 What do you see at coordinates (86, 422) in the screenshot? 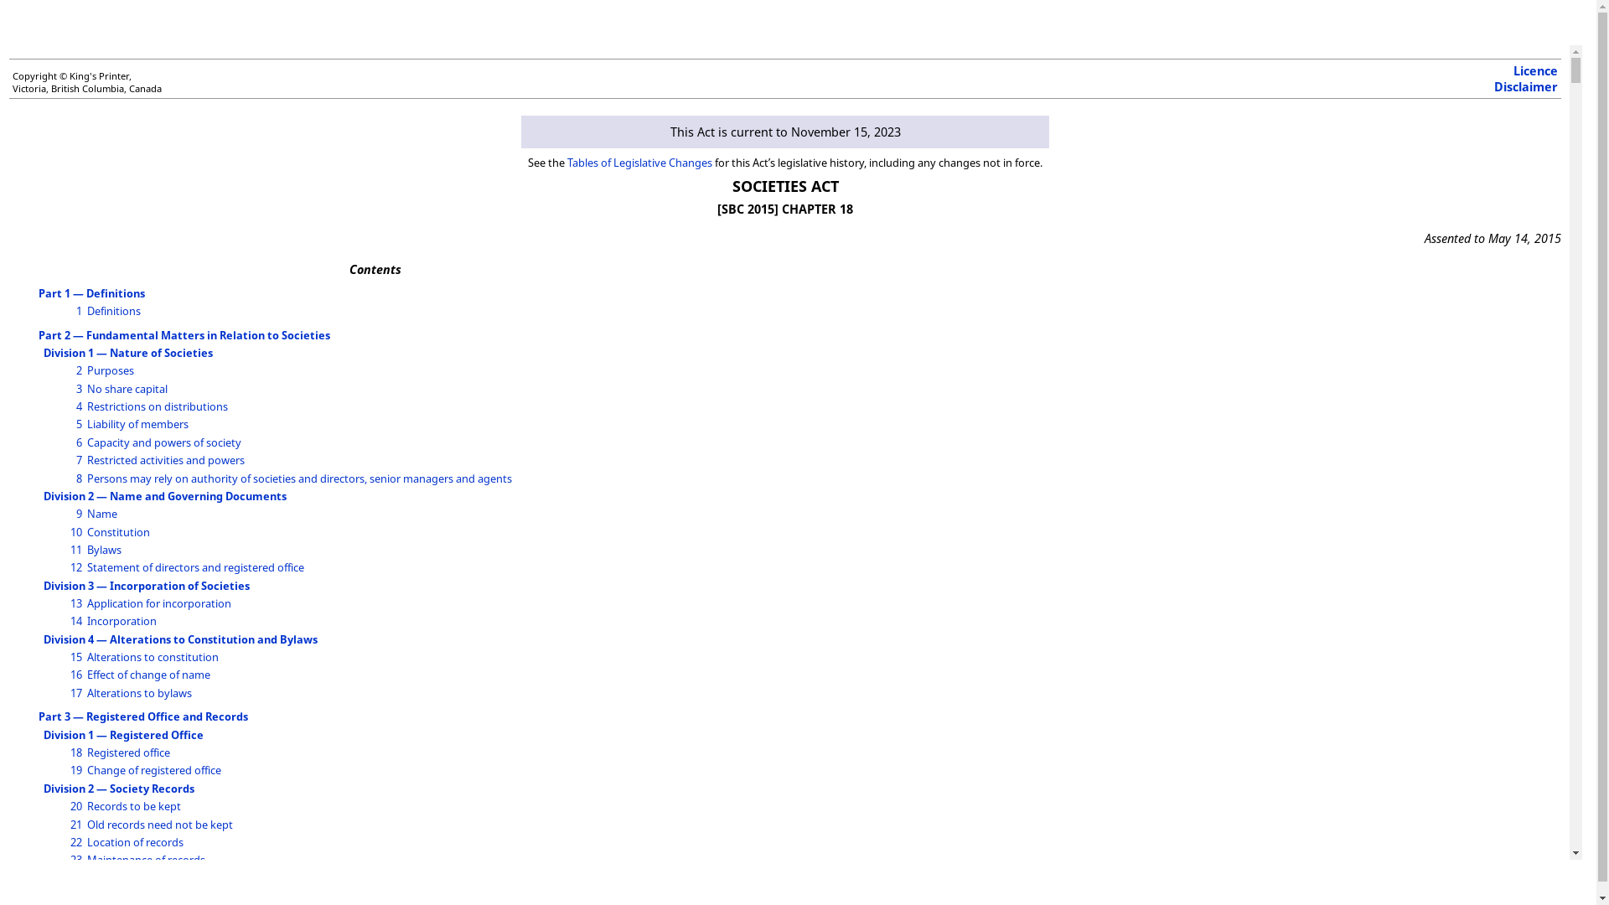
I see `'Liability of members'` at bounding box center [86, 422].